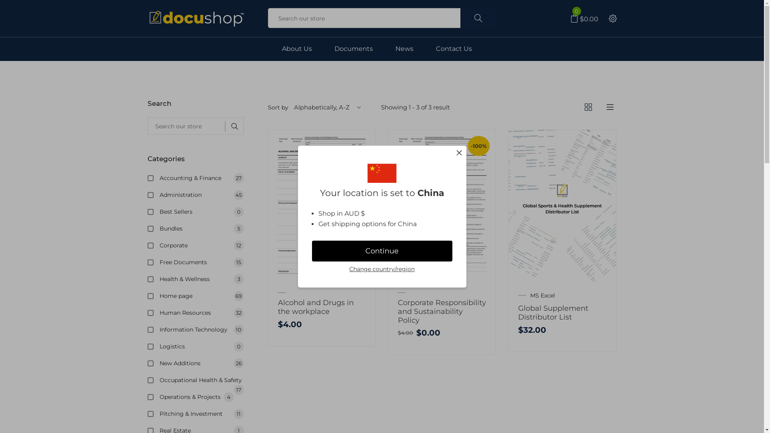  What do you see at coordinates (202, 262) in the screenshot?
I see `'Free Documents` at bounding box center [202, 262].